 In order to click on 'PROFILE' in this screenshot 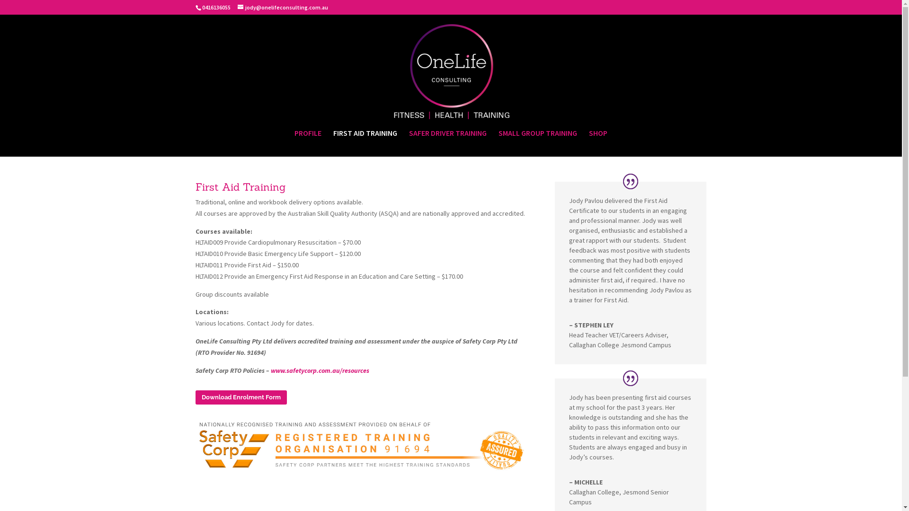, I will do `click(308, 143)`.